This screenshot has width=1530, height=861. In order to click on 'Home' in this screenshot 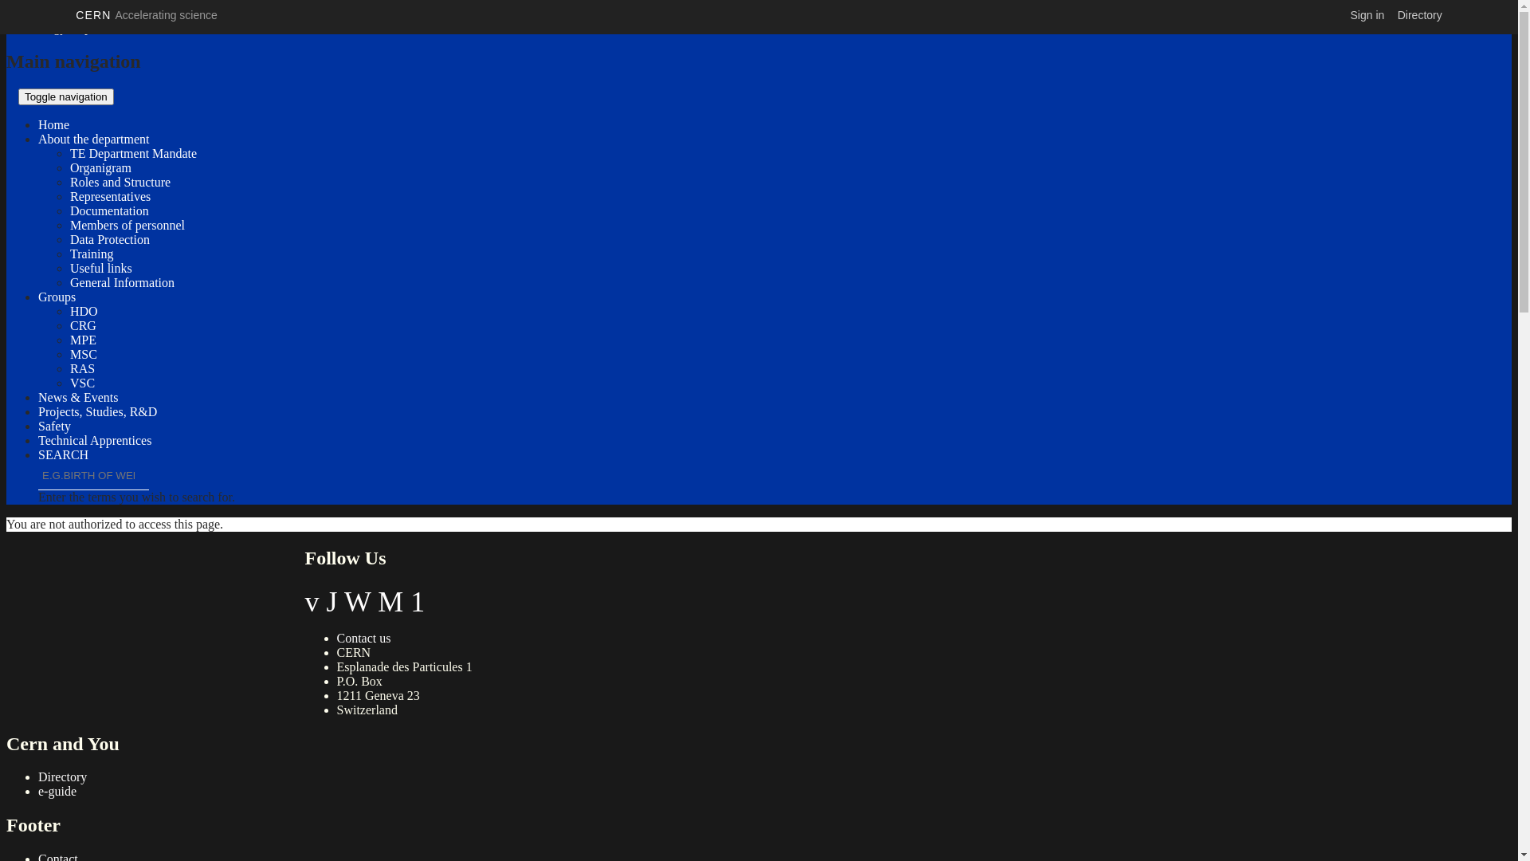, I will do `click(53, 124)`.